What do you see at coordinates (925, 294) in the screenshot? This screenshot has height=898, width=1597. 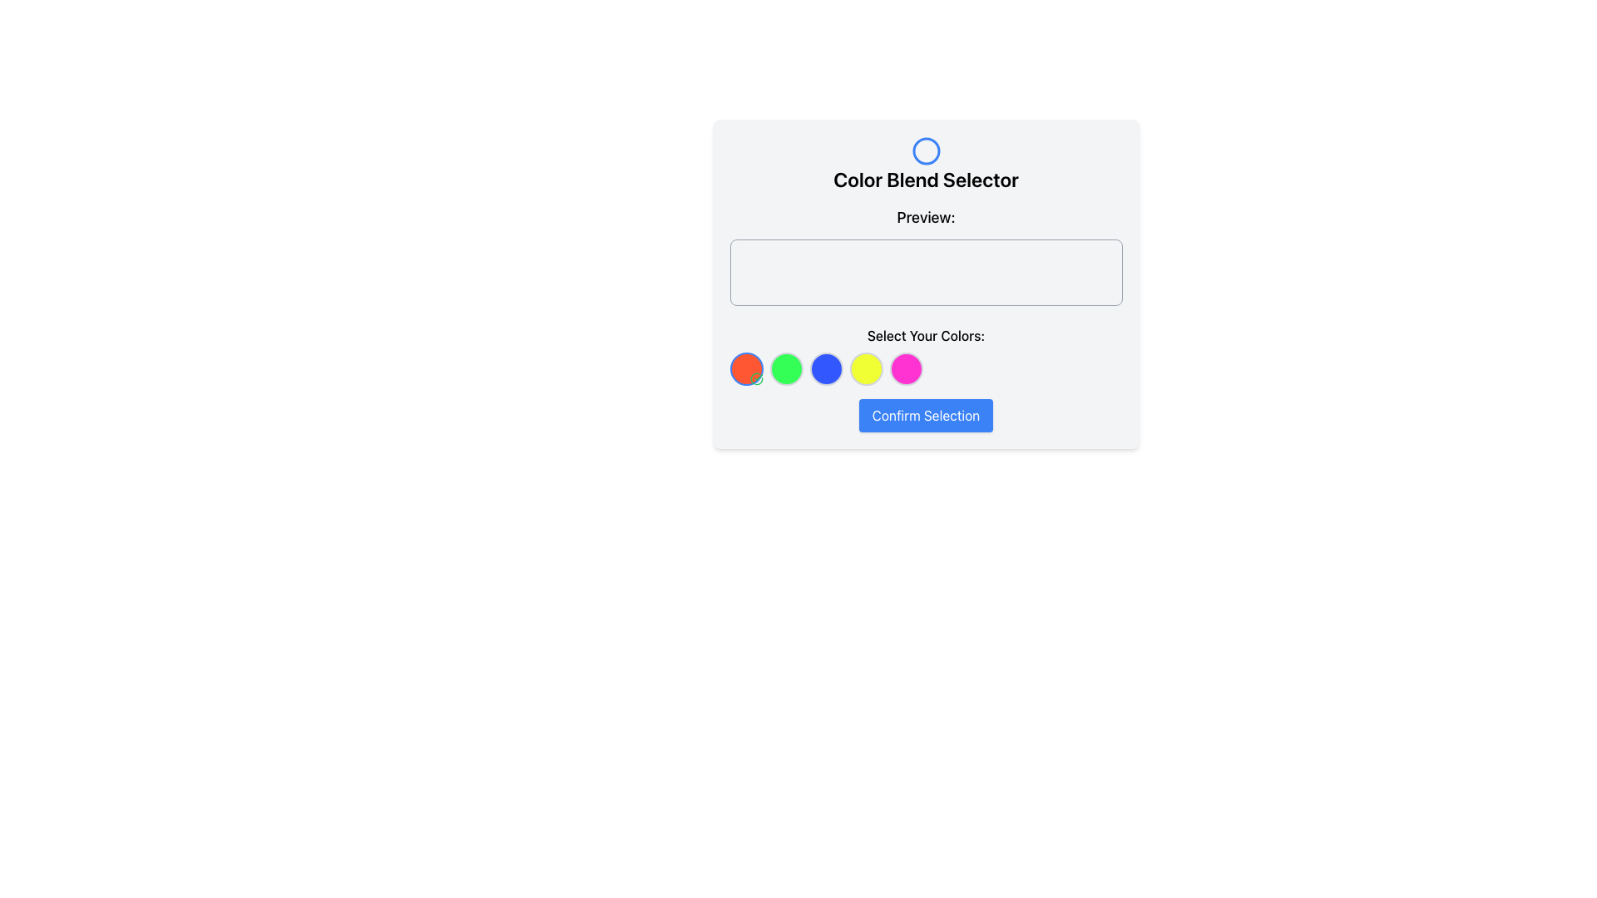 I see `the Text Display element labeled 'Preview:' which provides instructions for the color selection feature, located centrally within a gray box in the 'Color Blend Selector' section` at bounding box center [925, 294].